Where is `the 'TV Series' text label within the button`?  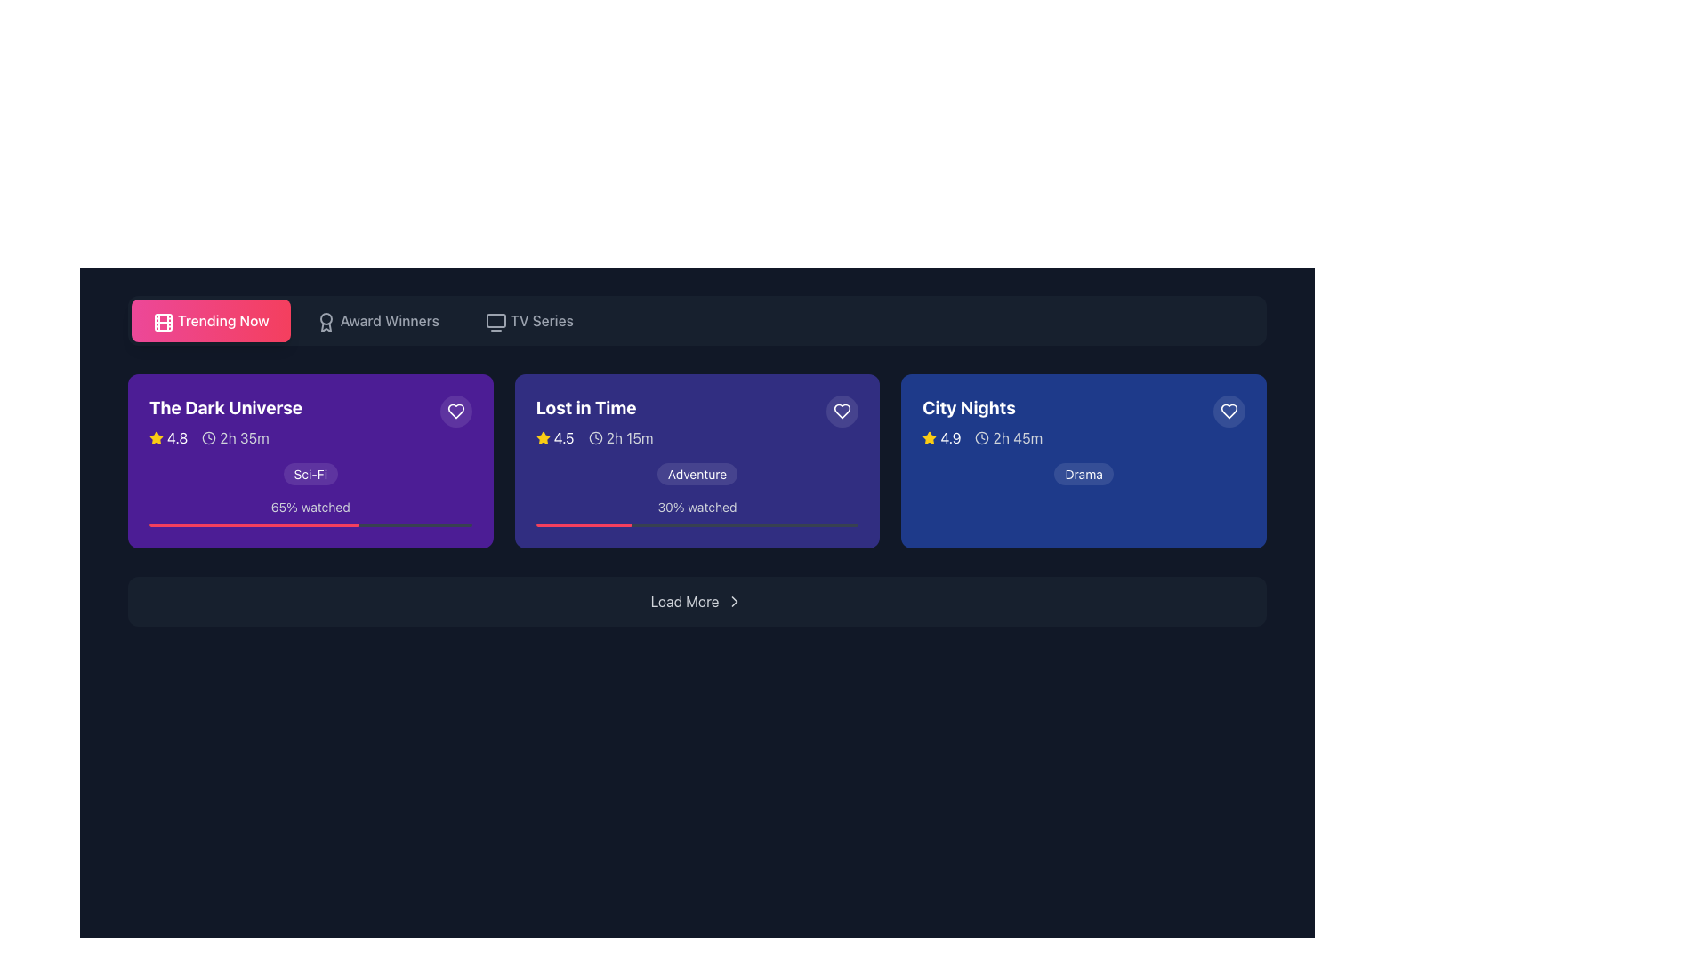 the 'TV Series' text label within the button is located at coordinates (541, 321).